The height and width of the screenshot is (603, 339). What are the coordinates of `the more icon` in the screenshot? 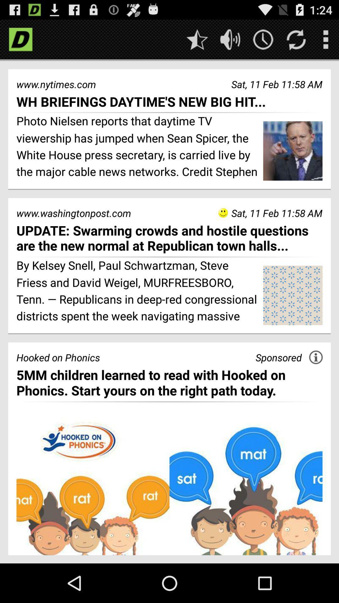 It's located at (325, 42).